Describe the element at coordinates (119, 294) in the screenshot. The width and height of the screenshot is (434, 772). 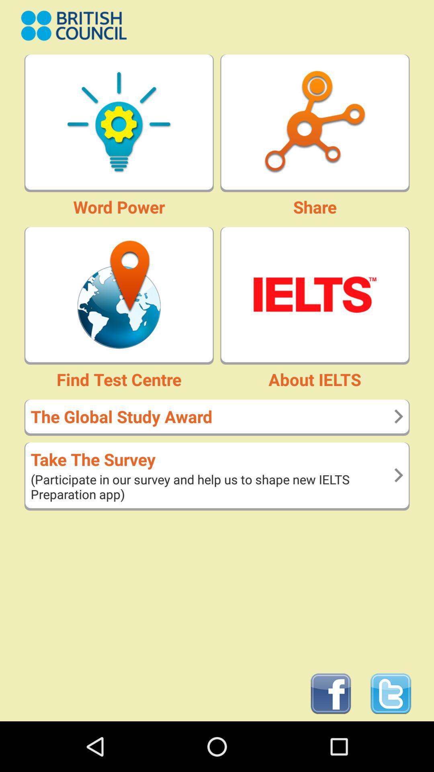
I see `search for test centers` at that location.